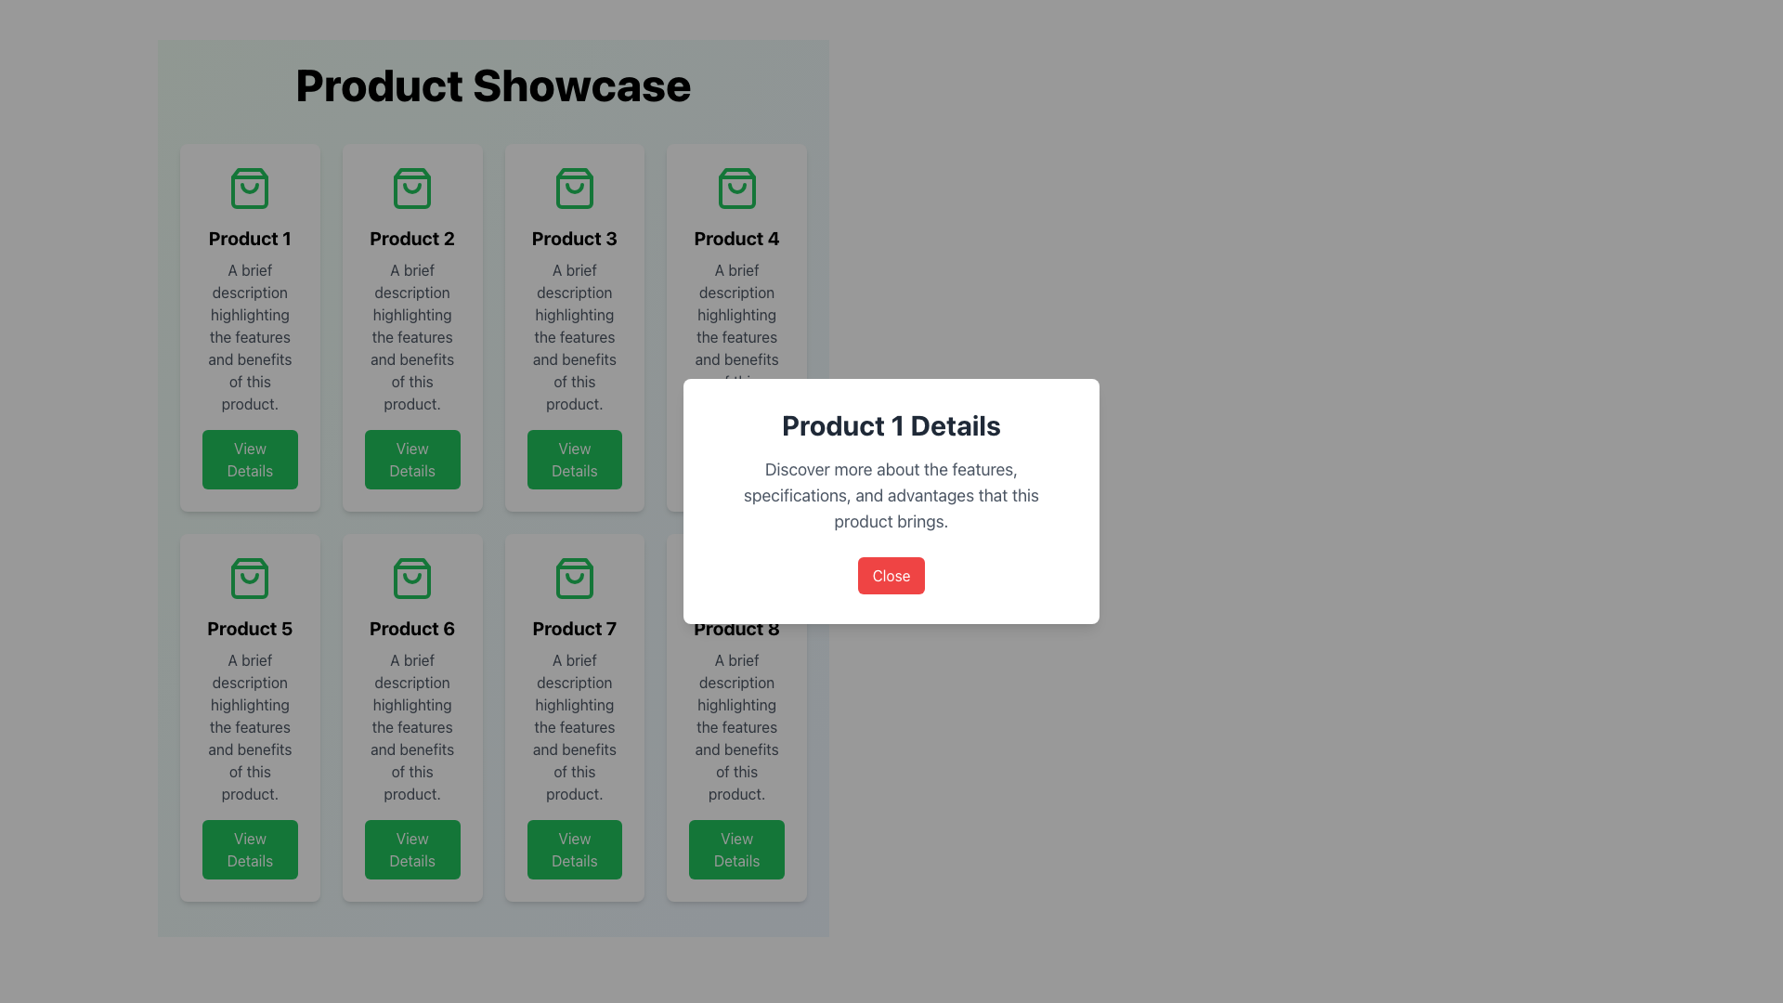 The height and width of the screenshot is (1003, 1783). What do you see at coordinates (411, 459) in the screenshot?
I see `the button located at the bottom of the 'Product 2' card to change its hover state` at bounding box center [411, 459].